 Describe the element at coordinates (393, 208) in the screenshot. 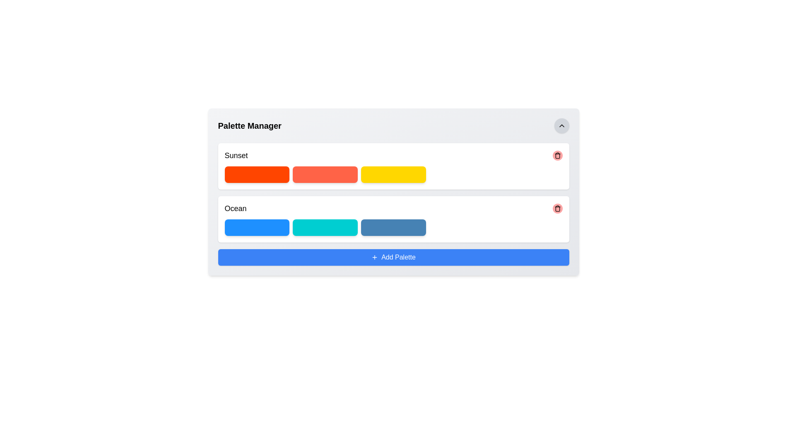

I see `the second row in the palette manager interface named 'Ocean'` at that location.